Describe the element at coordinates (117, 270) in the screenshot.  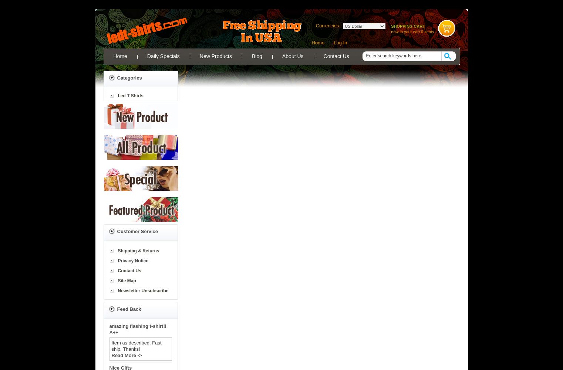
I see `'Contact Us'` at that location.